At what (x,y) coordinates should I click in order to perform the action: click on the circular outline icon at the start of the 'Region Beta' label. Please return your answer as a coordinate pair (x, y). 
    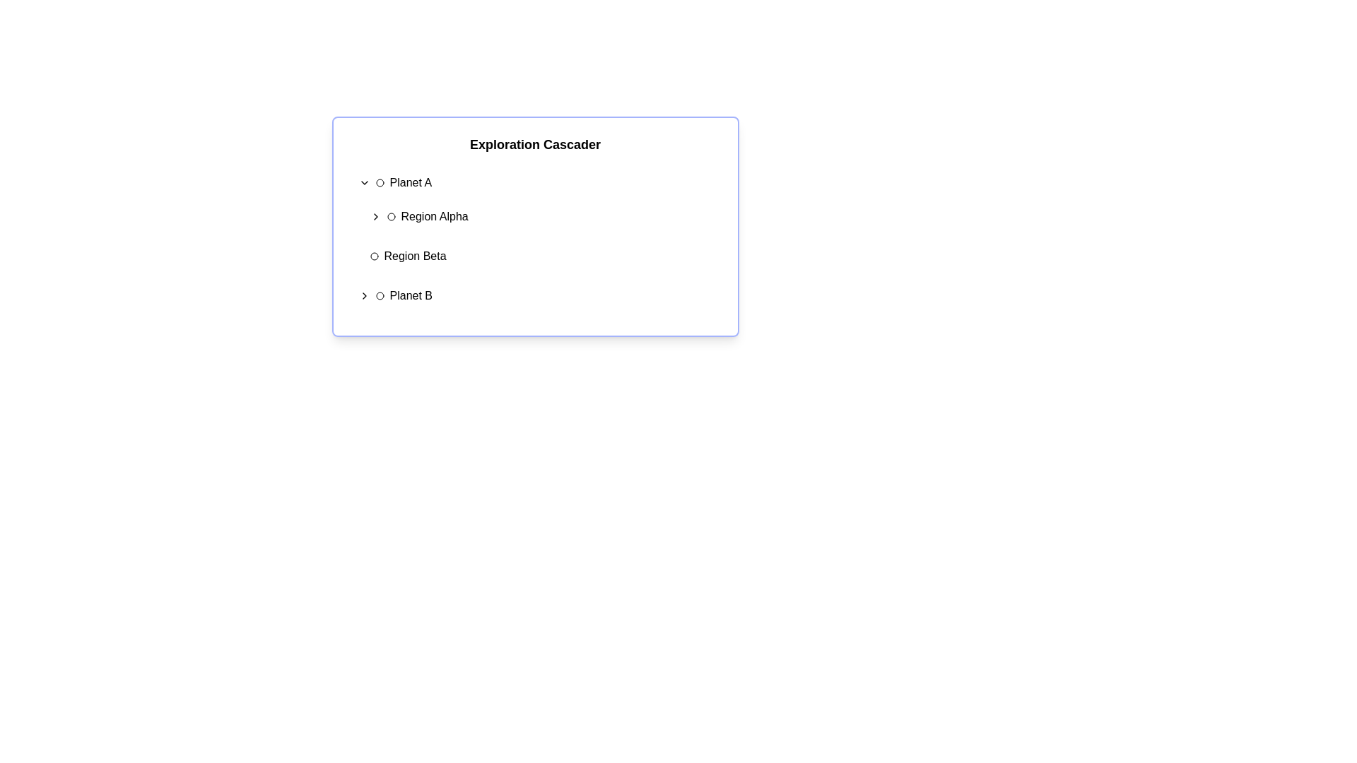
    Looking at the image, I should click on (374, 256).